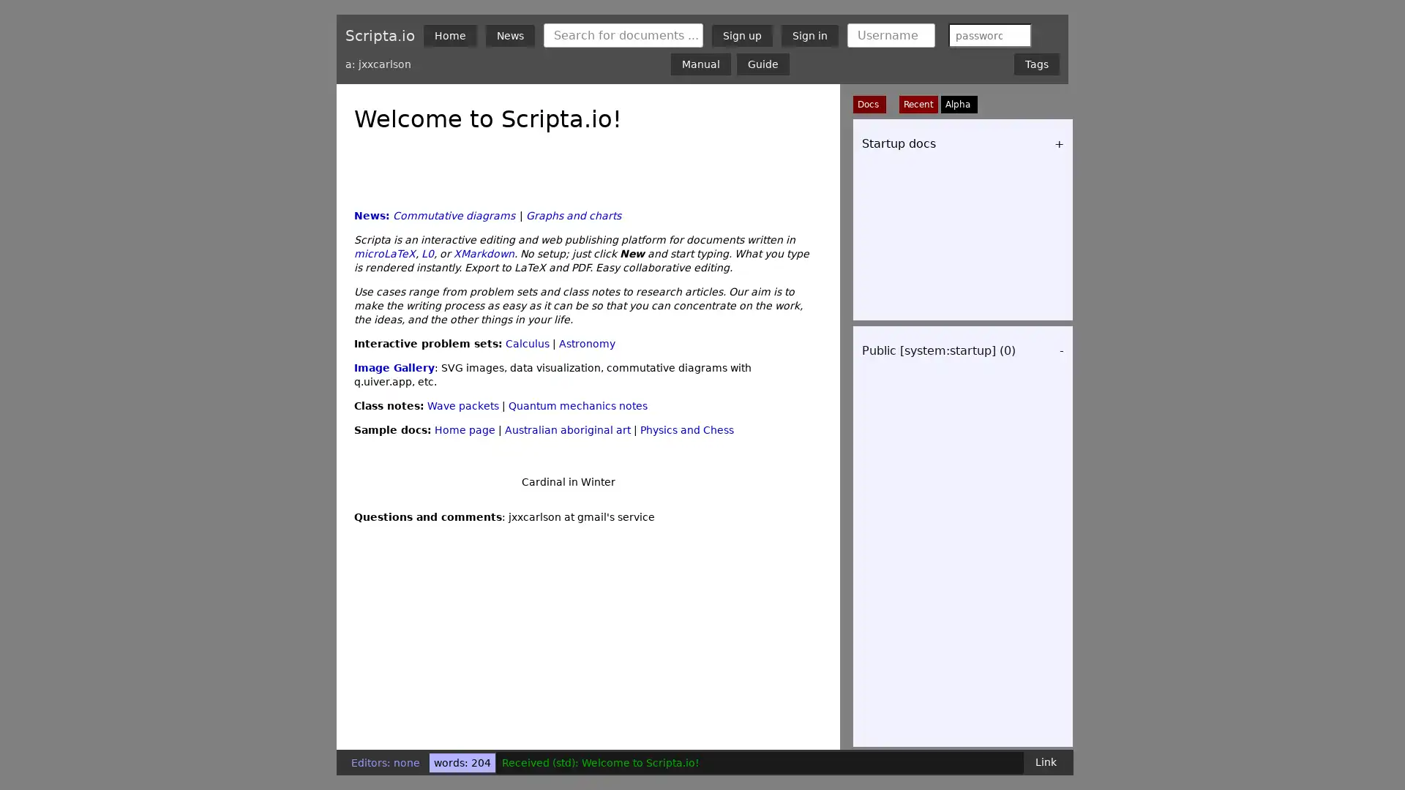 The image size is (1405, 790). What do you see at coordinates (453, 329) in the screenshot?
I see `Commutative diagrams` at bounding box center [453, 329].